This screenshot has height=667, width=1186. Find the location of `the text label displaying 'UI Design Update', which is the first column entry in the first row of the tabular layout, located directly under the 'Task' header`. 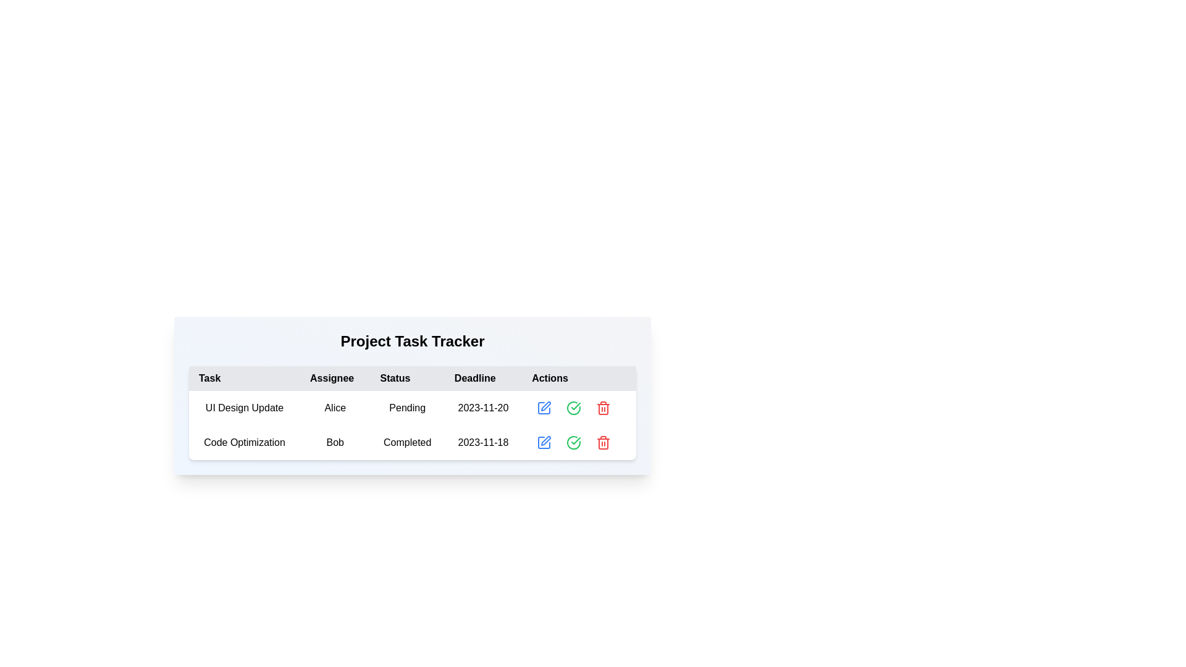

the text label displaying 'UI Design Update', which is the first column entry in the first row of the tabular layout, located directly under the 'Task' header is located at coordinates (245, 408).